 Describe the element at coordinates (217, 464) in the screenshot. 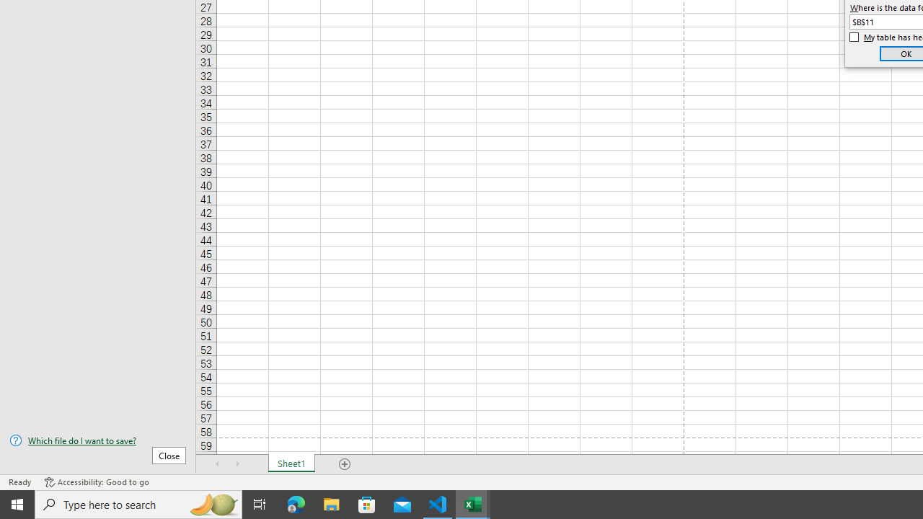

I see `'Scroll Left'` at that location.